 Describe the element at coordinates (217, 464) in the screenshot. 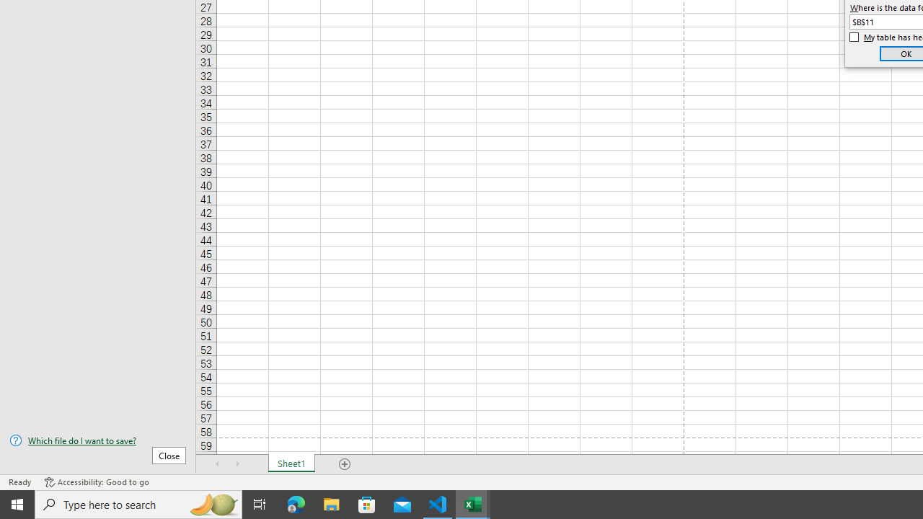

I see `'Scroll Left'` at that location.